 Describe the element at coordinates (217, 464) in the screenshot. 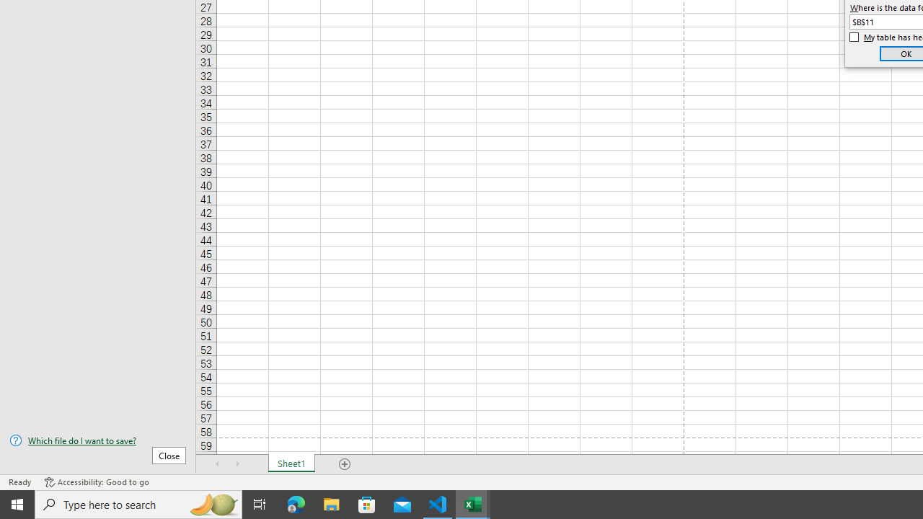

I see `'Scroll Left'` at that location.